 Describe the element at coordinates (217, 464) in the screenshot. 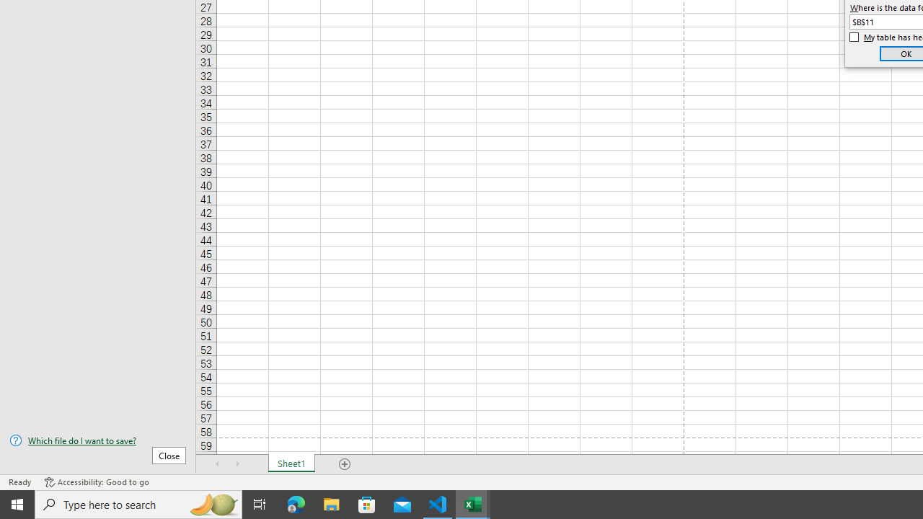

I see `'Scroll Left'` at that location.